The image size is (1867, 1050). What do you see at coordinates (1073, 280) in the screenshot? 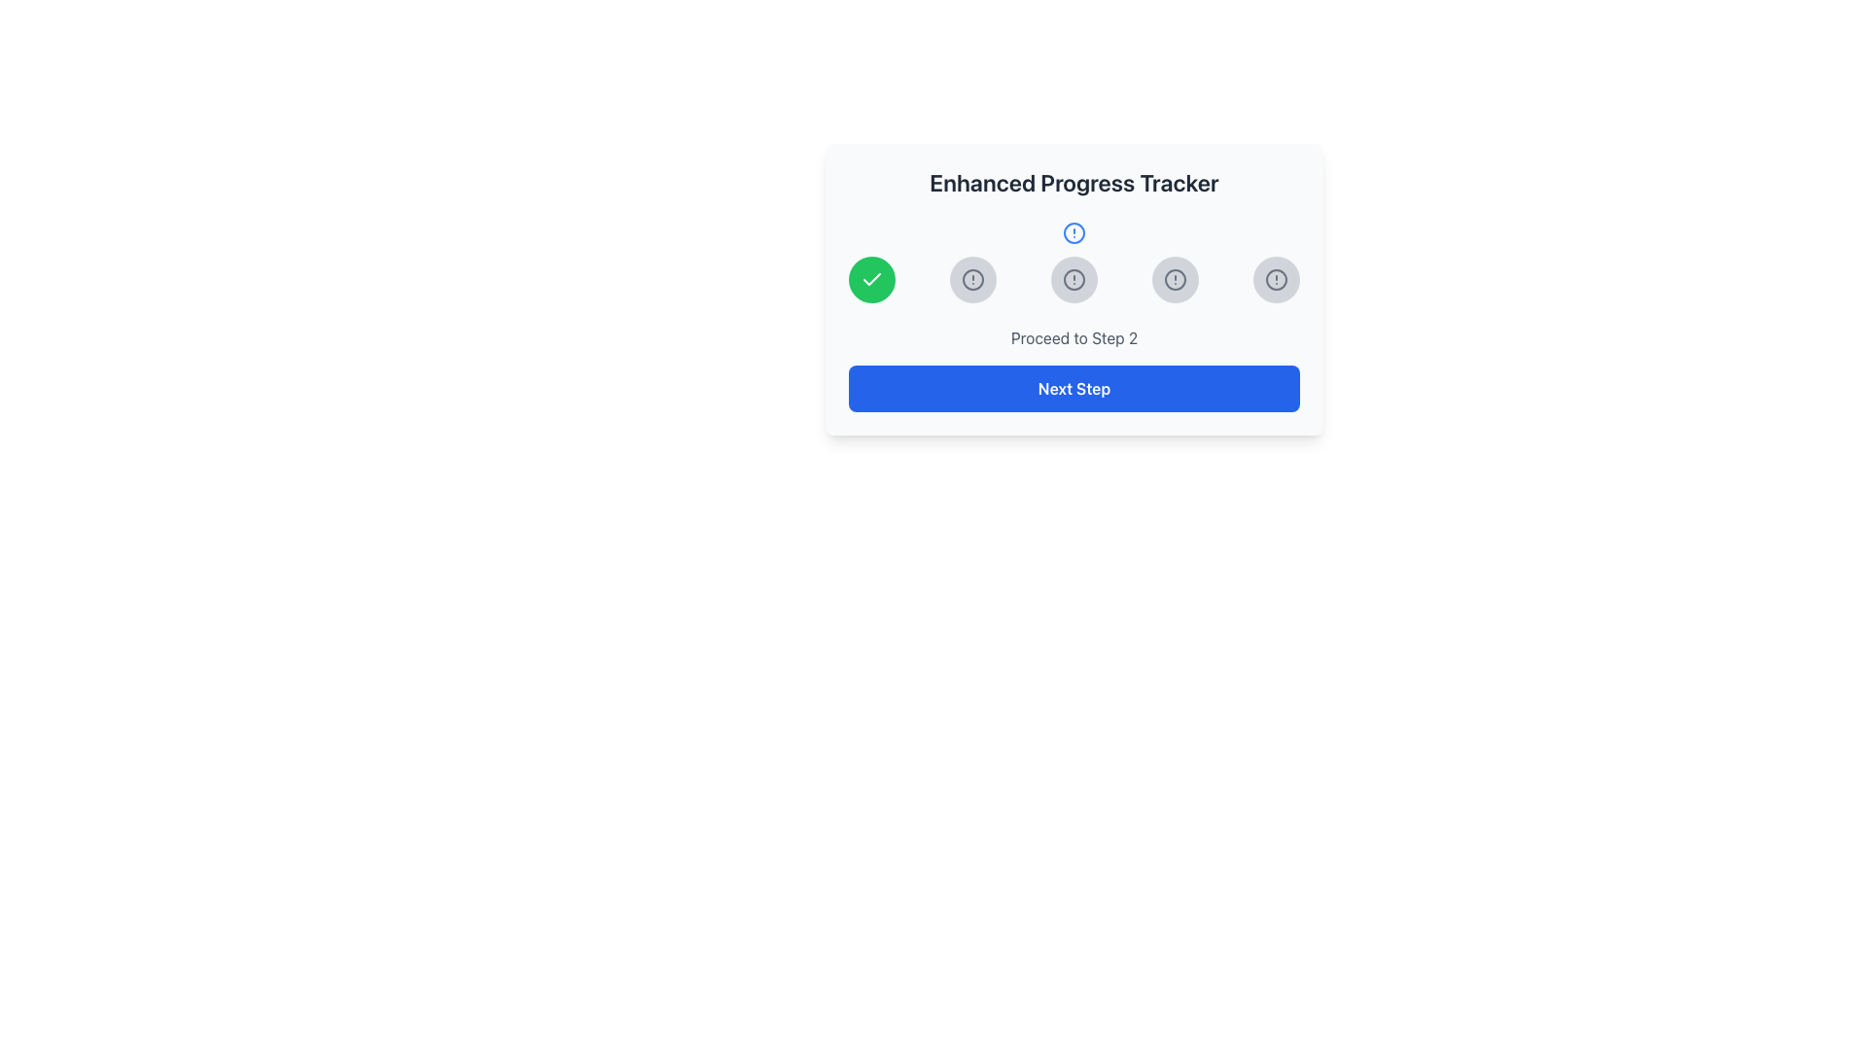
I see `on the third SVG Icon in the progress tracker interface, which serves as an alert or notification symbol` at bounding box center [1073, 280].